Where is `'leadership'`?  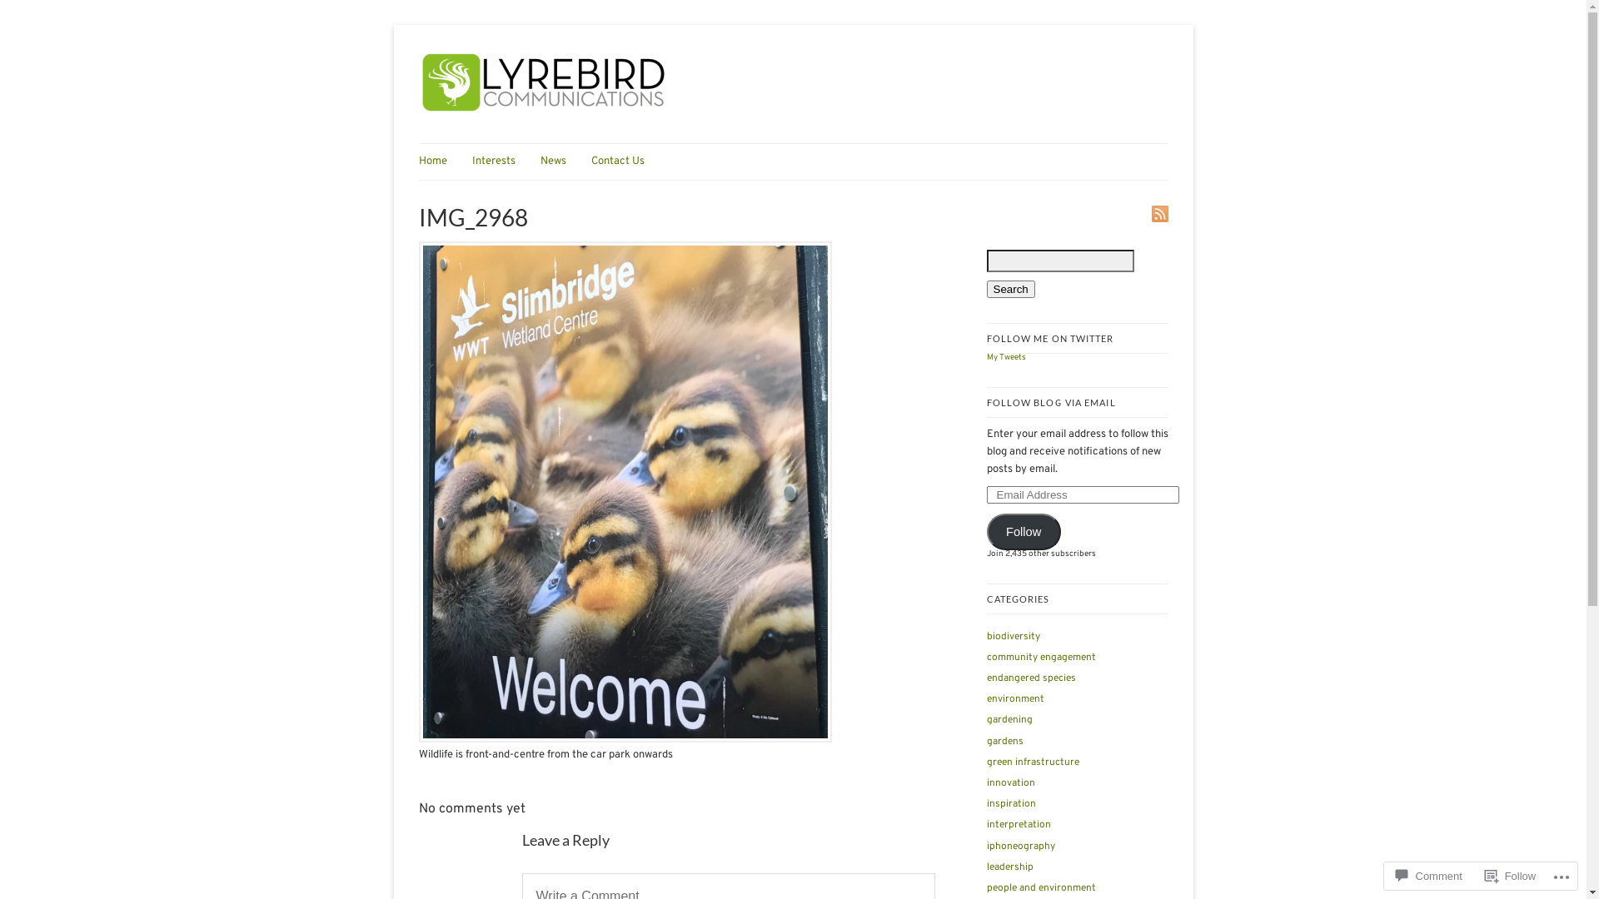
'leadership' is located at coordinates (1009, 866).